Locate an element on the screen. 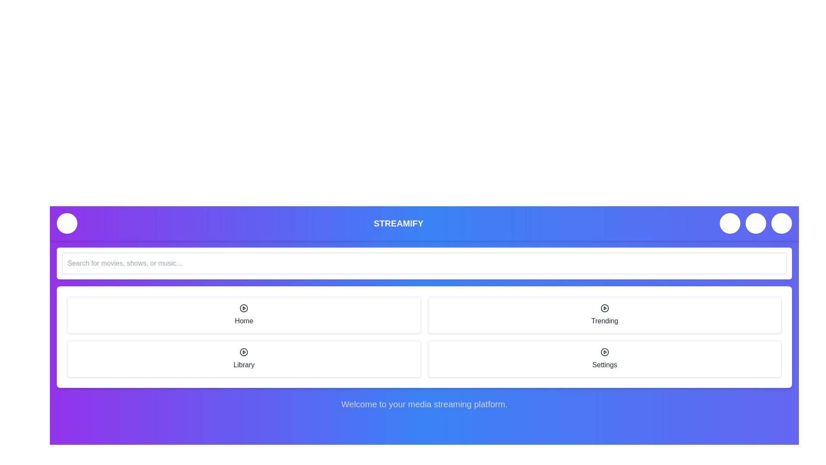 This screenshot has width=826, height=465. the search icon button in the header to toggle the visibility of the search bar is located at coordinates (730, 223).